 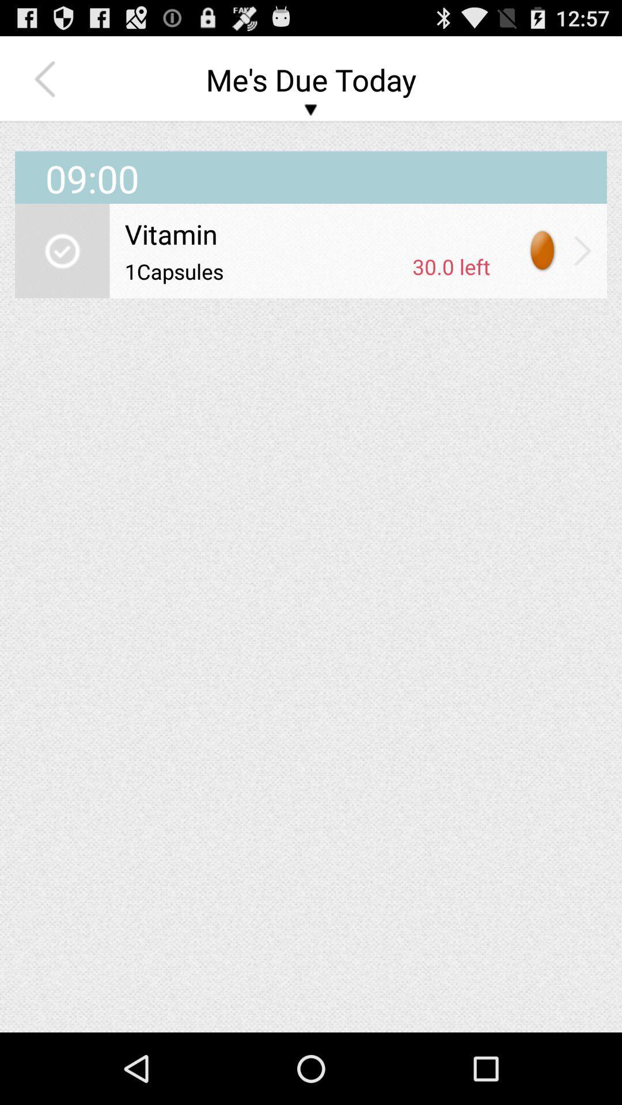 What do you see at coordinates (47, 85) in the screenshot?
I see `the arrow_backward icon` at bounding box center [47, 85].